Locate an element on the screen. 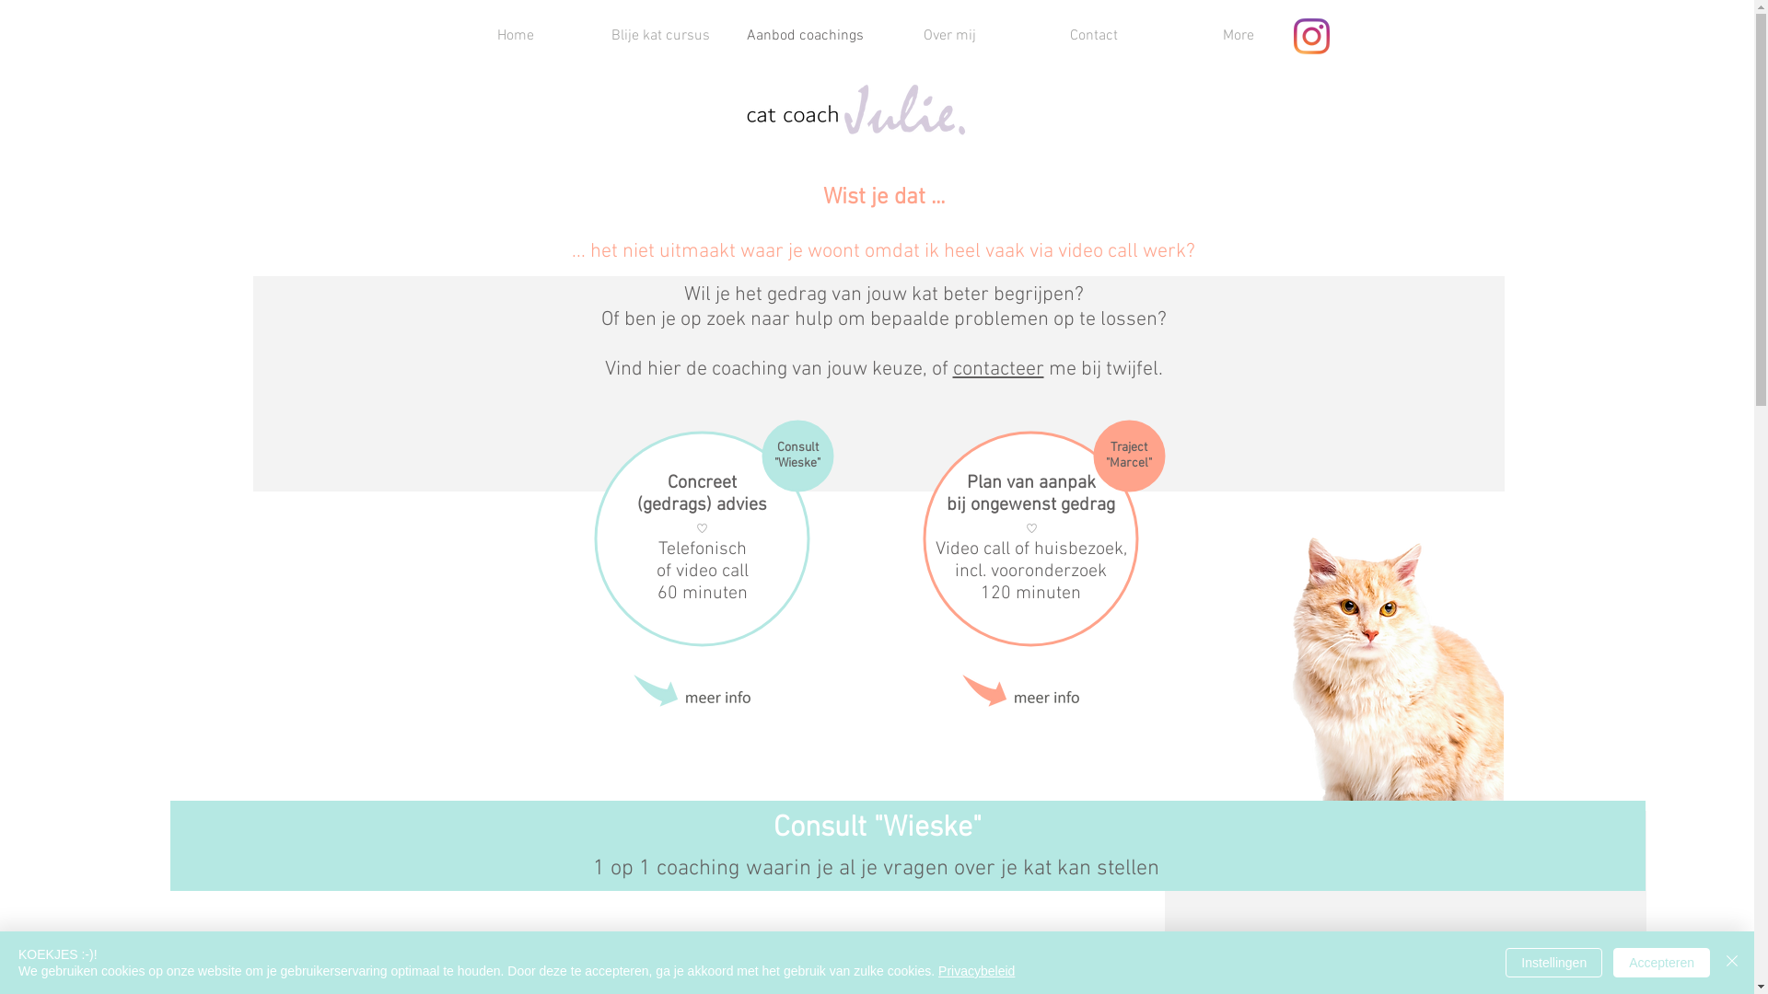 The image size is (1768, 994). 'Instellingen' is located at coordinates (1553, 961).